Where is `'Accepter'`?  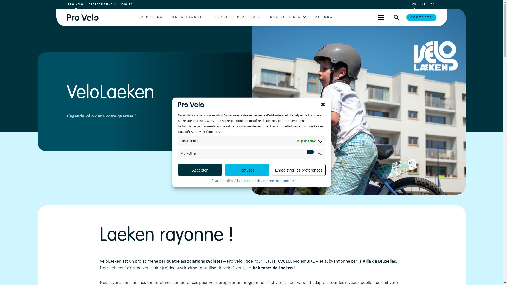
'Accepter' is located at coordinates (177, 170).